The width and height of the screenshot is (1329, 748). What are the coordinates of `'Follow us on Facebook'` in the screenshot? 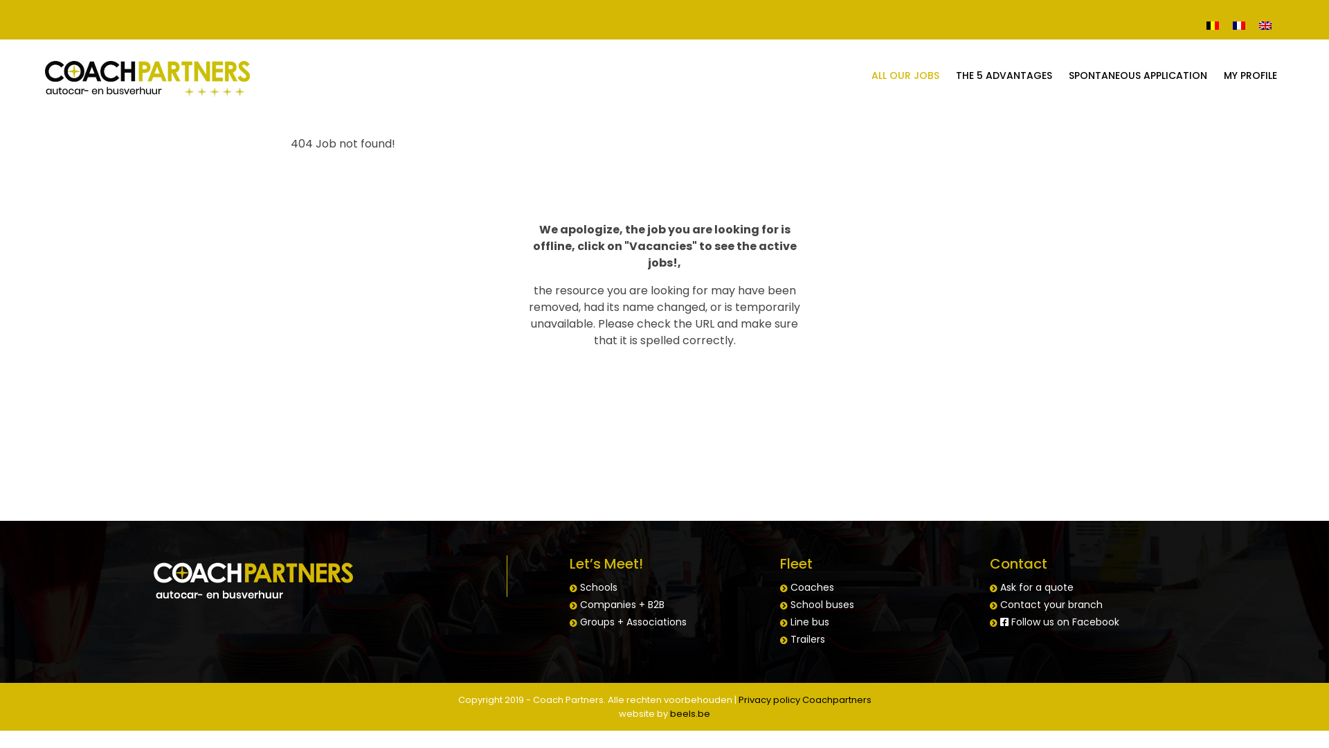 It's located at (1059, 621).